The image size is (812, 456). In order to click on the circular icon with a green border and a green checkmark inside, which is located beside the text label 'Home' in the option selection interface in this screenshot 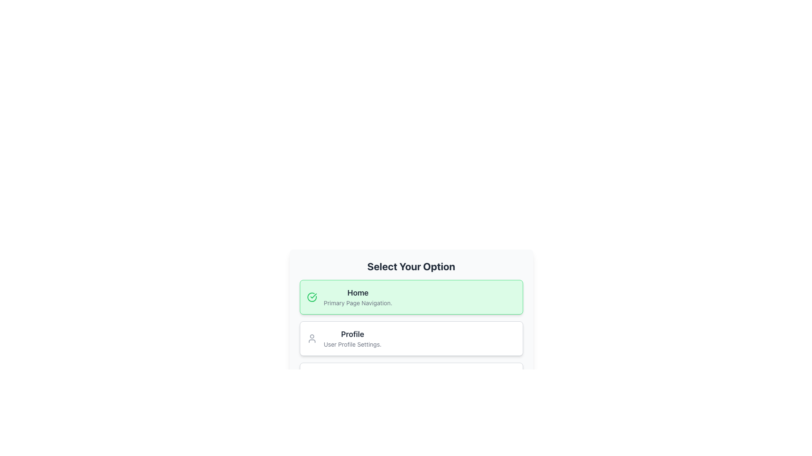, I will do `click(311, 297)`.